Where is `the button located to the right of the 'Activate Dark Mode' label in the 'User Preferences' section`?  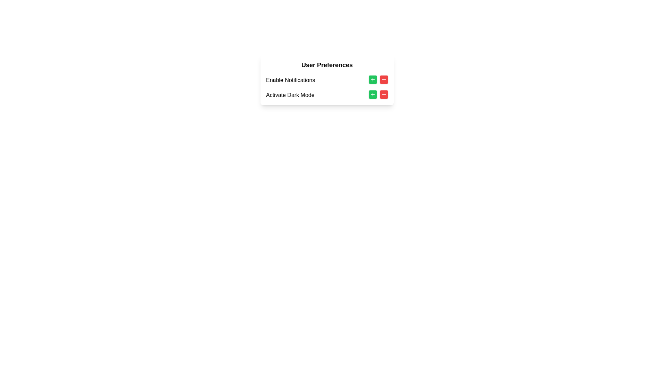
the button located to the right of the 'Activate Dark Mode' label in the 'User Preferences' section is located at coordinates (373, 95).